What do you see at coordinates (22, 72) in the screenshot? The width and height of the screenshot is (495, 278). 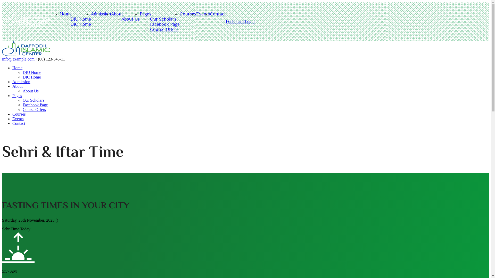 I see `'DIU Home'` at bounding box center [22, 72].